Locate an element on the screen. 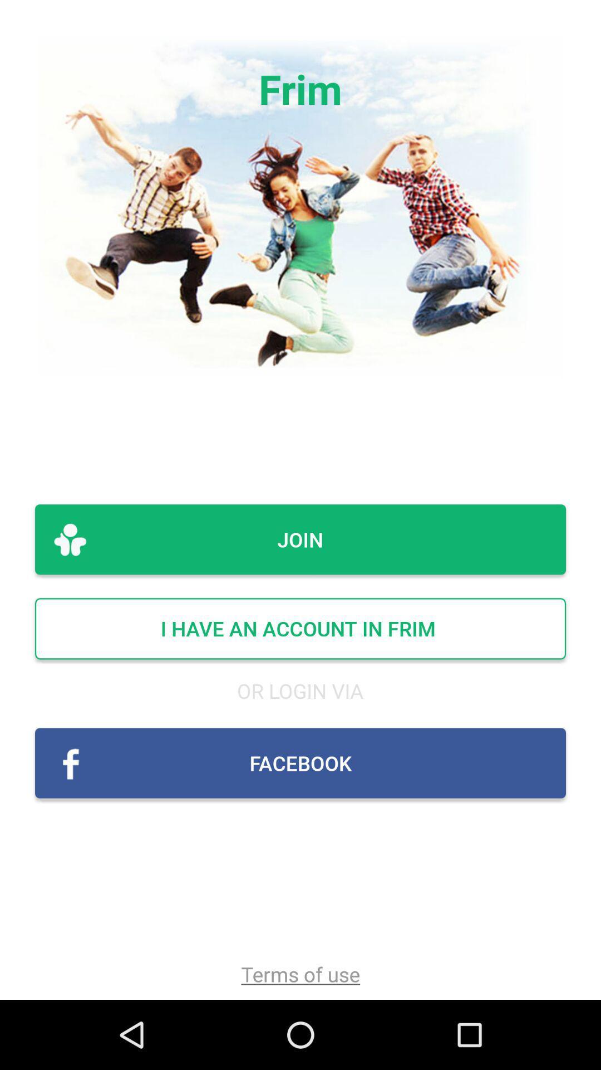  i have an is located at coordinates (300, 629).